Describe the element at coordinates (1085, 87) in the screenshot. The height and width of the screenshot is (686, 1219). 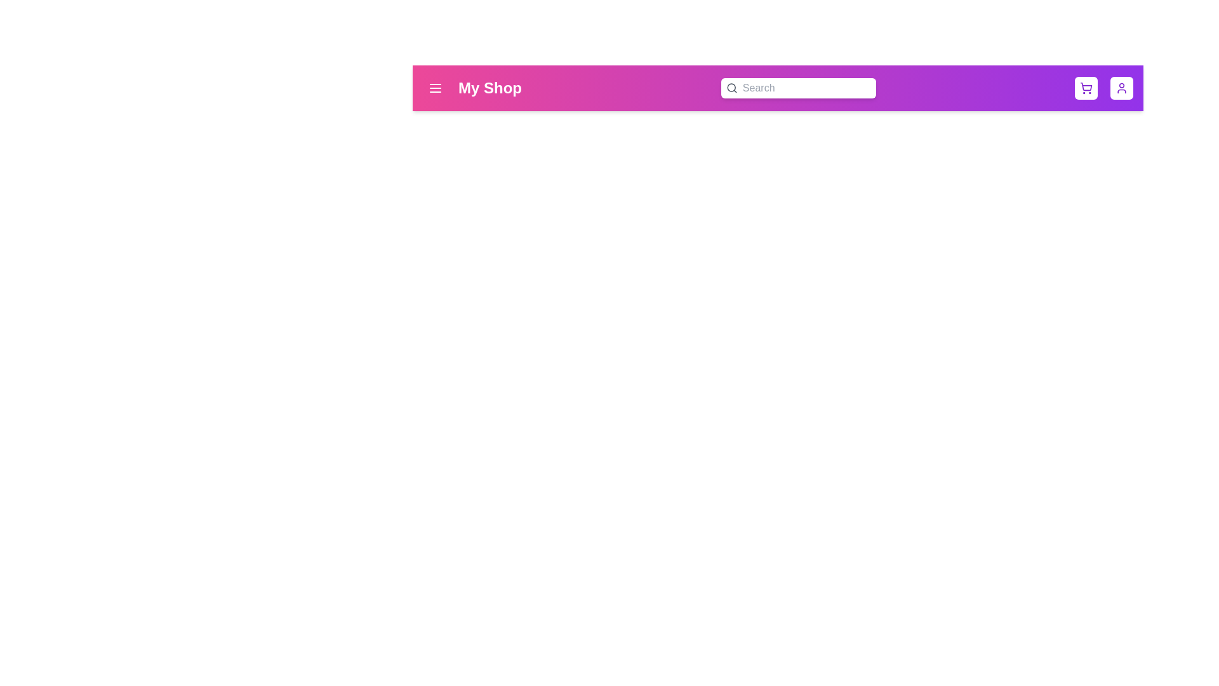
I see `the shopping cart button to view the cart` at that location.